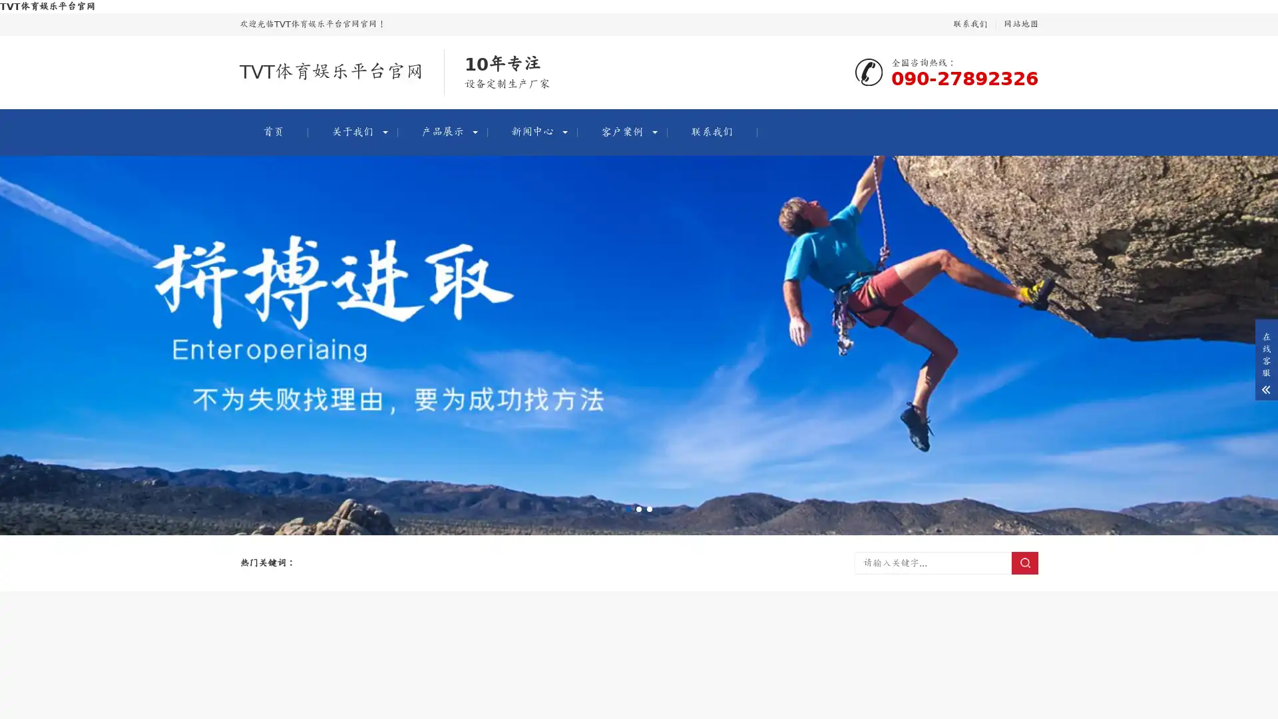  What do you see at coordinates (649, 509) in the screenshot?
I see `Go to slide 3` at bounding box center [649, 509].